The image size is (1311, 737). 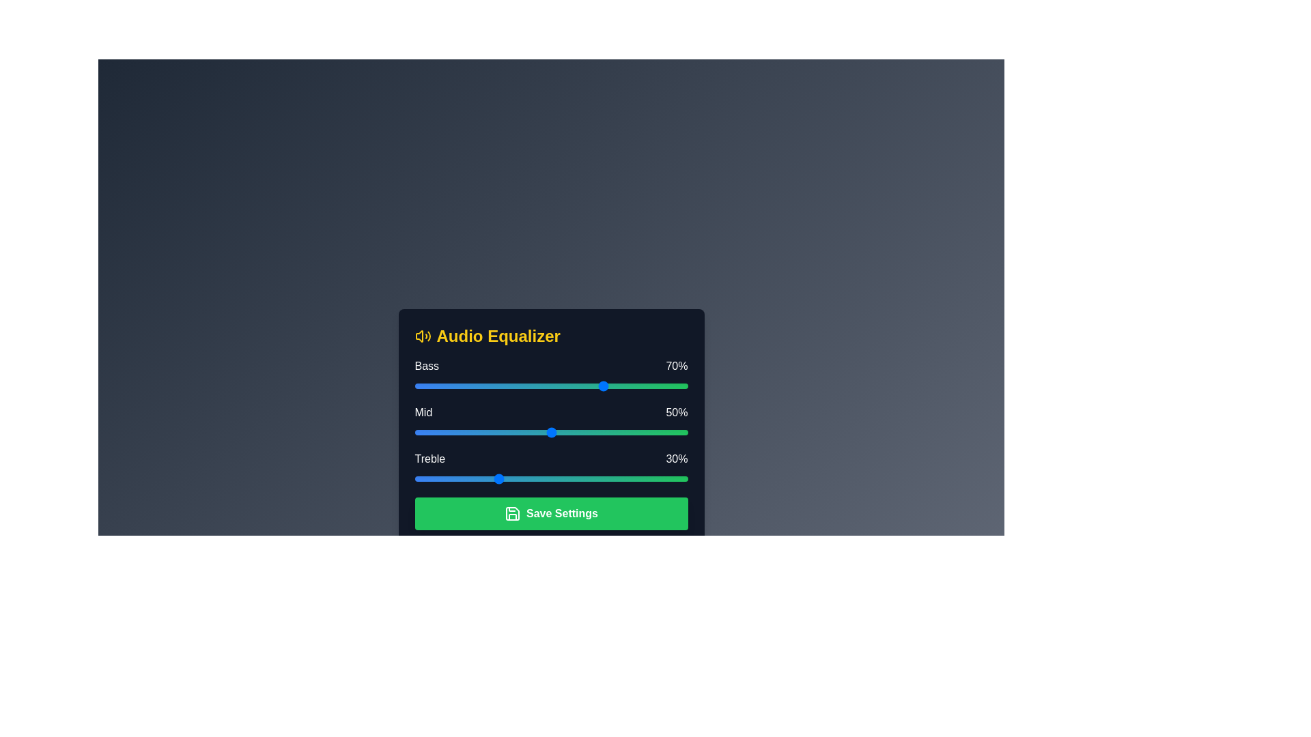 What do you see at coordinates (534, 386) in the screenshot?
I see `the 0 slider to 44% and observe the visual feedback` at bounding box center [534, 386].